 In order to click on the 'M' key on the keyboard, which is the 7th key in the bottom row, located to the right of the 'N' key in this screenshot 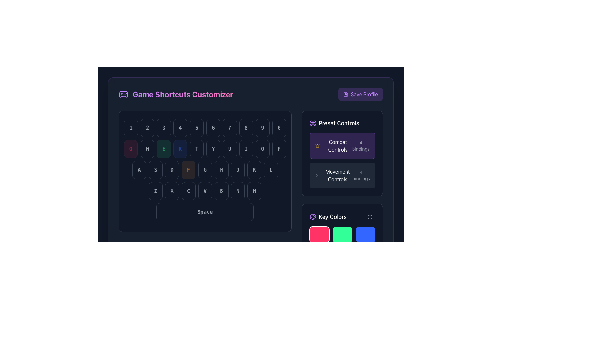, I will do `click(254, 191)`.